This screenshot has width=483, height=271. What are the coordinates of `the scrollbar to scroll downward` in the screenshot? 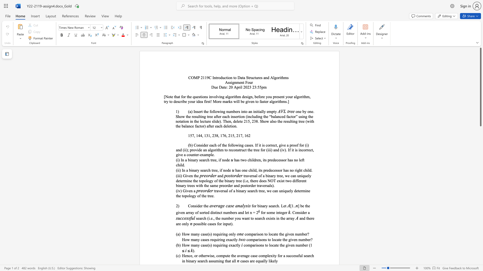 It's located at (480, 203).